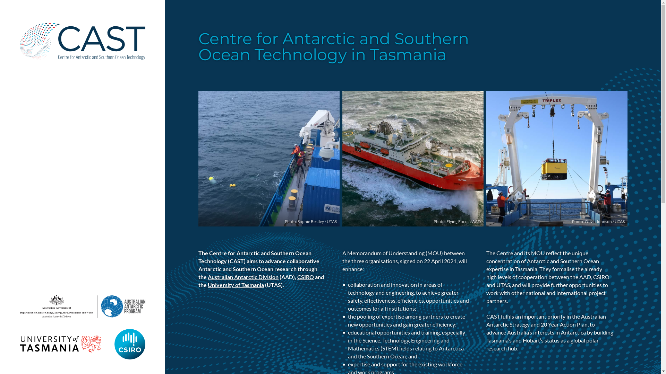 This screenshot has width=666, height=374. What do you see at coordinates (546, 320) in the screenshot?
I see `'Australian Antarctic Strategy and 20 Year Action Plan'` at bounding box center [546, 320].